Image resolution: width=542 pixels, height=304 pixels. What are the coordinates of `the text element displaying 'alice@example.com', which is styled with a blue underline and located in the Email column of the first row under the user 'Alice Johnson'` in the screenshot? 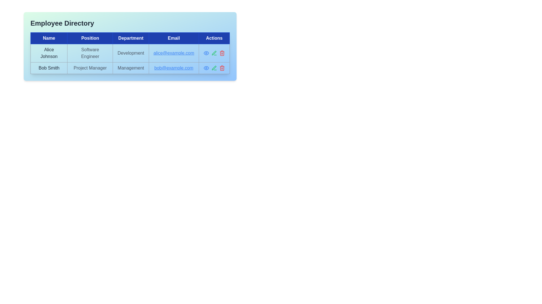 It's located at (173, 53).